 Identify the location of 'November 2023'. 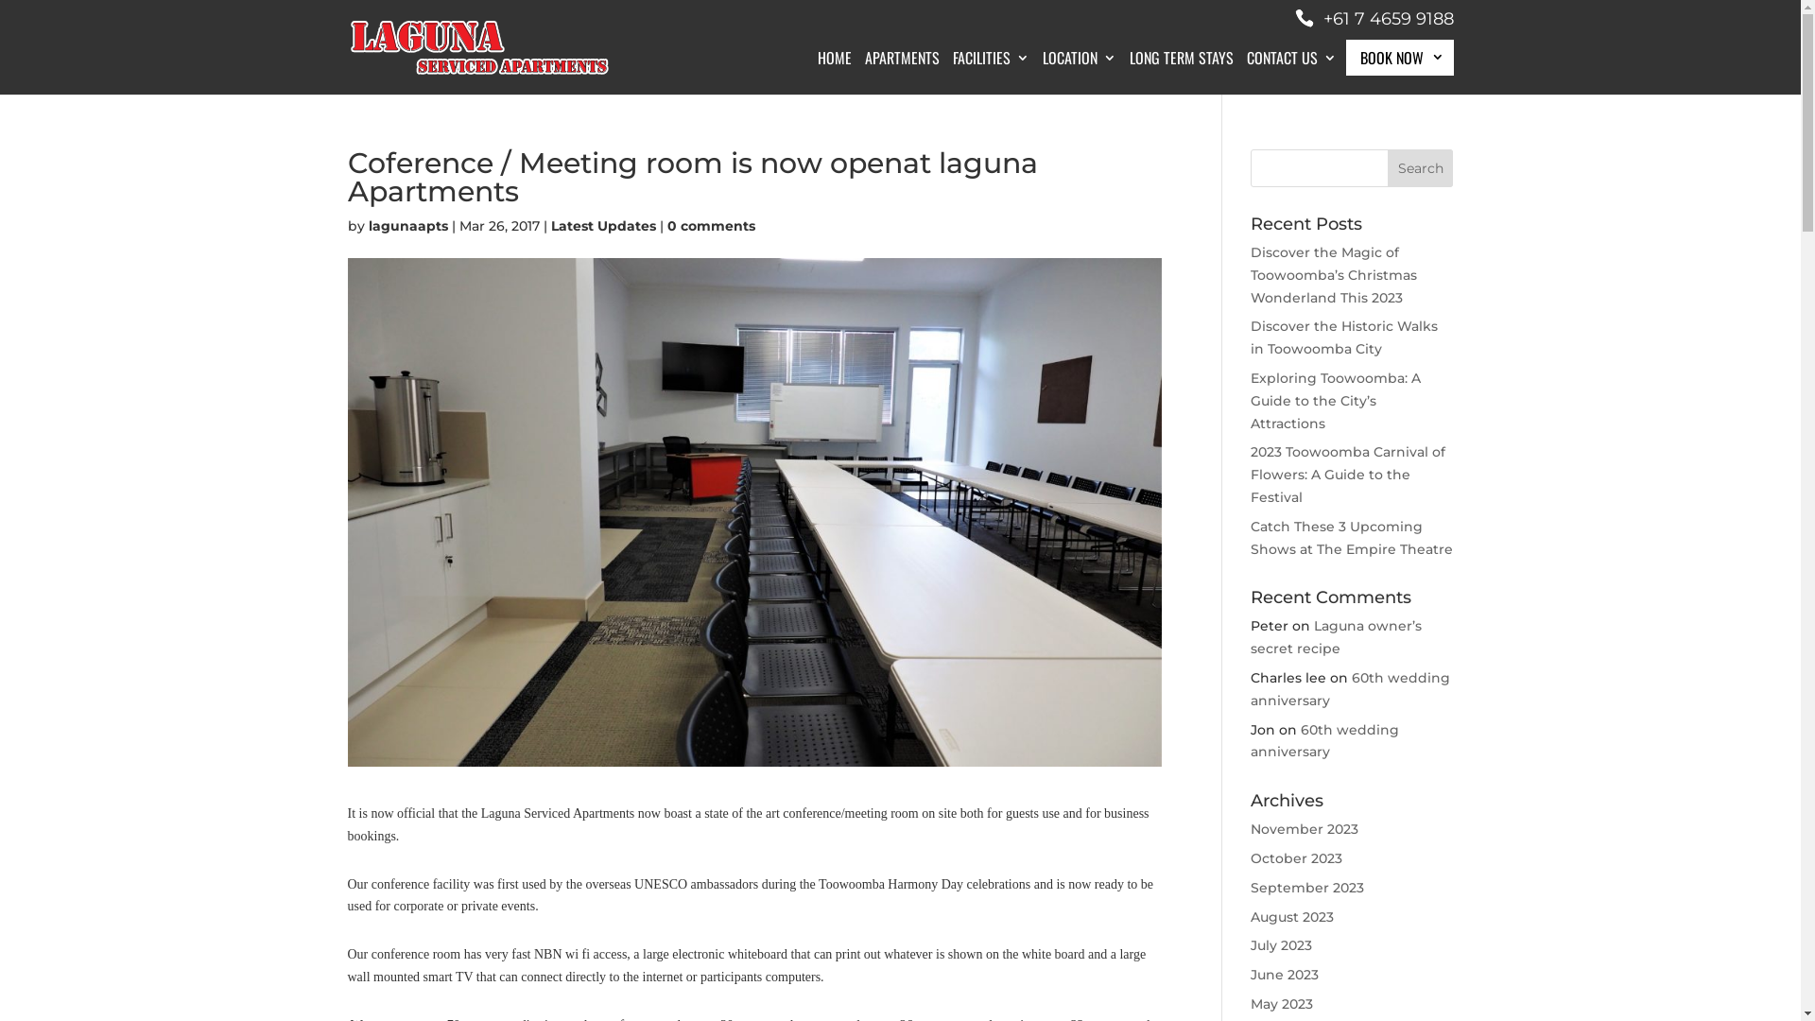
(1304, 827).